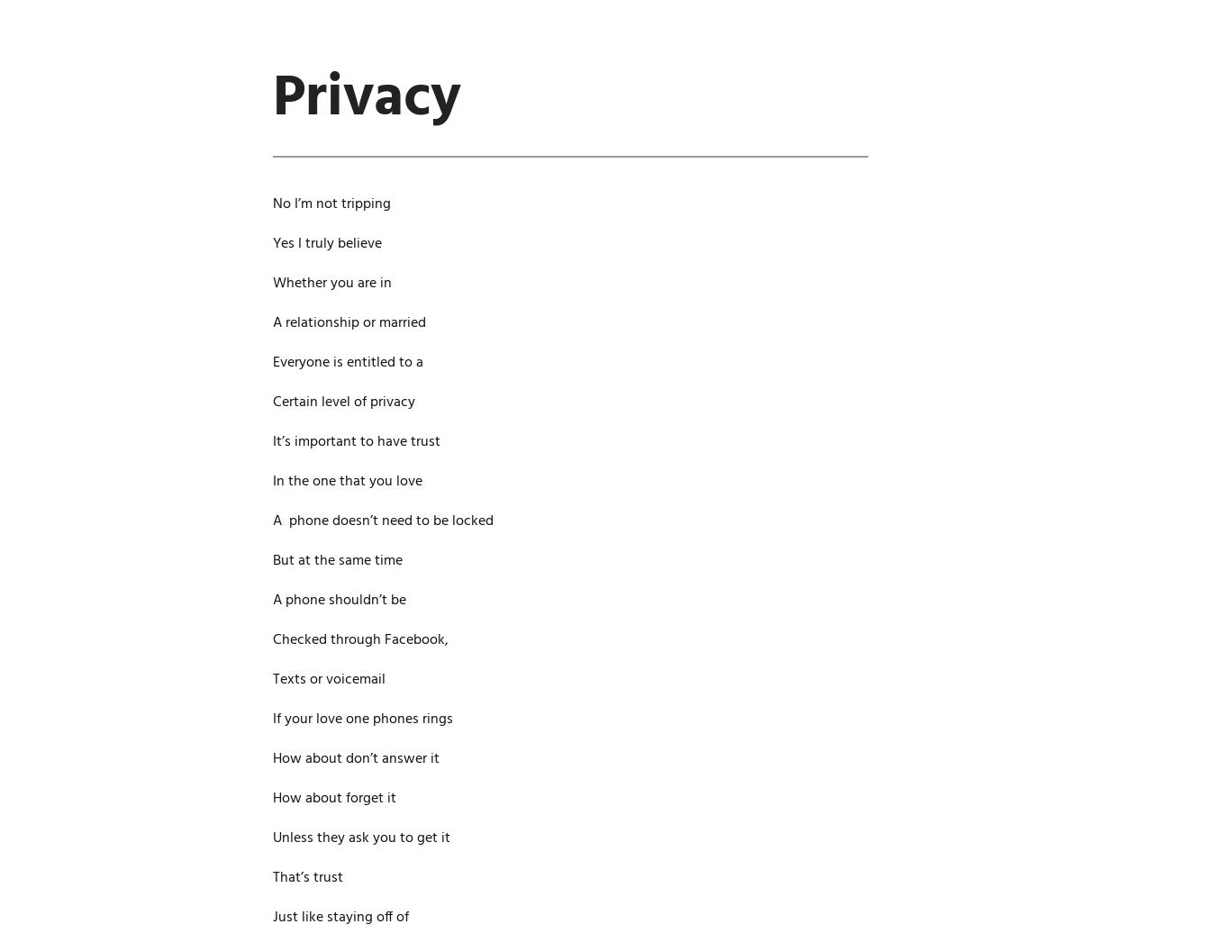  I want to click on 'It’s important to have trust', so click(356, 441).